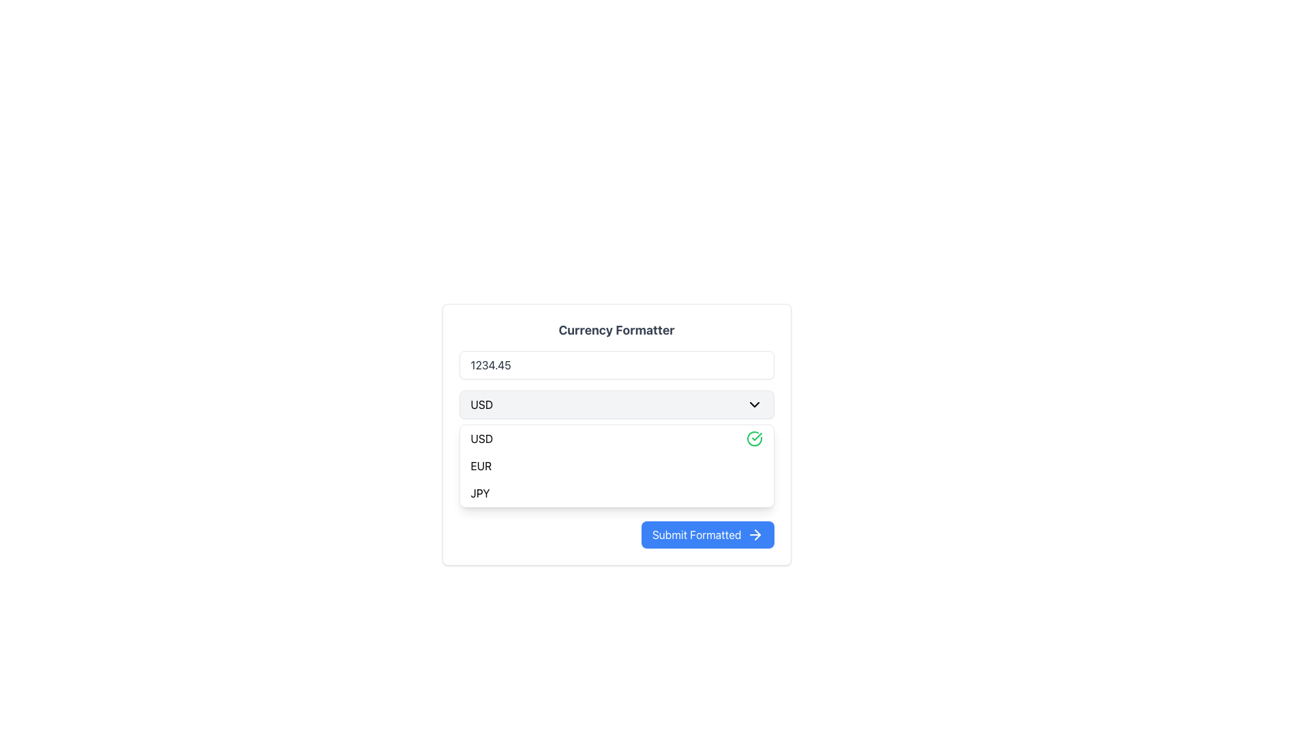 The image size is (1309, 736). Describe the element at coordinates (753, 439) in the screenshot. I see `the circular icon with a green checkmark inside, located to the right of the 'USD' list item in the dropdown menu` at that location.